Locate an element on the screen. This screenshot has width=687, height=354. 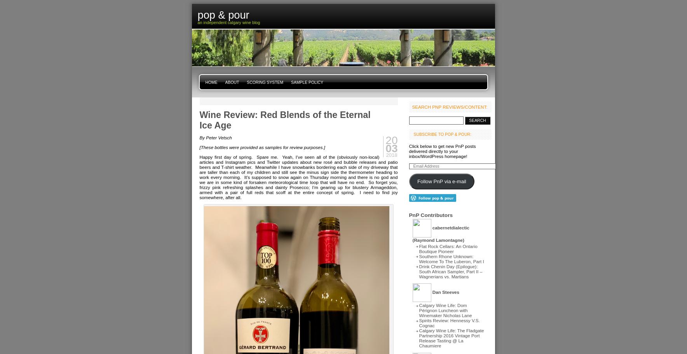
'03' is located at coordinates (391, 148).